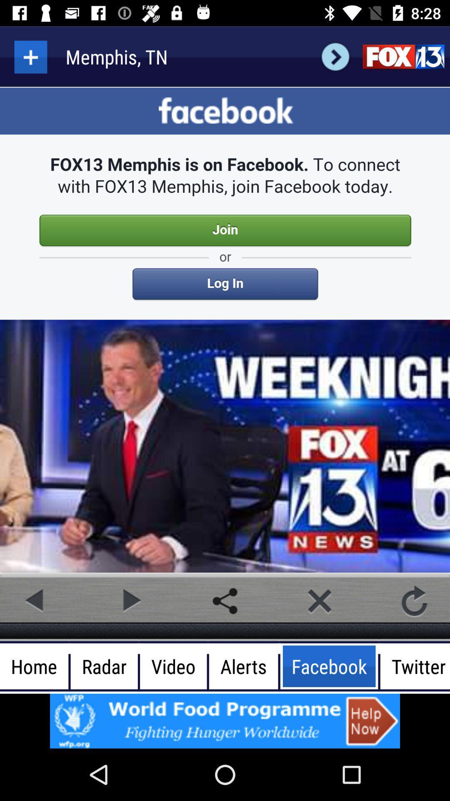 This screenshot has width=450, height=801. What do you see at coordinates (414, 601) in the screenshot?
I see `refresh video` at bounding box center [414, 601].